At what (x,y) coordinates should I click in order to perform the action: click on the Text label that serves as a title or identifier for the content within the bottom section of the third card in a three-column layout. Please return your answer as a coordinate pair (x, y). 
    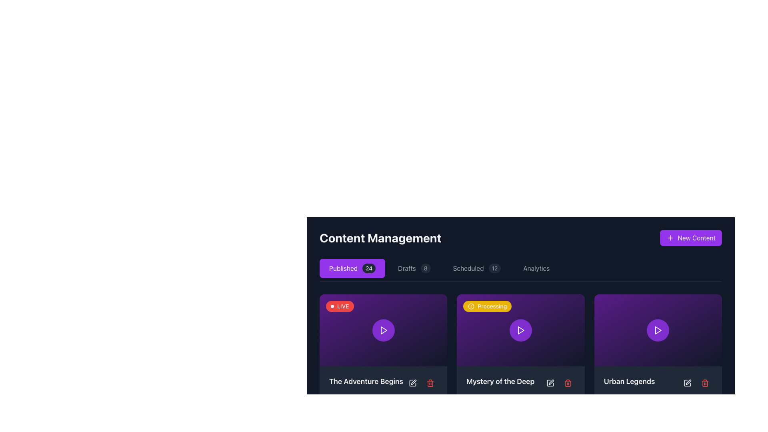
    Looking at the image, I should click on (629, 381).